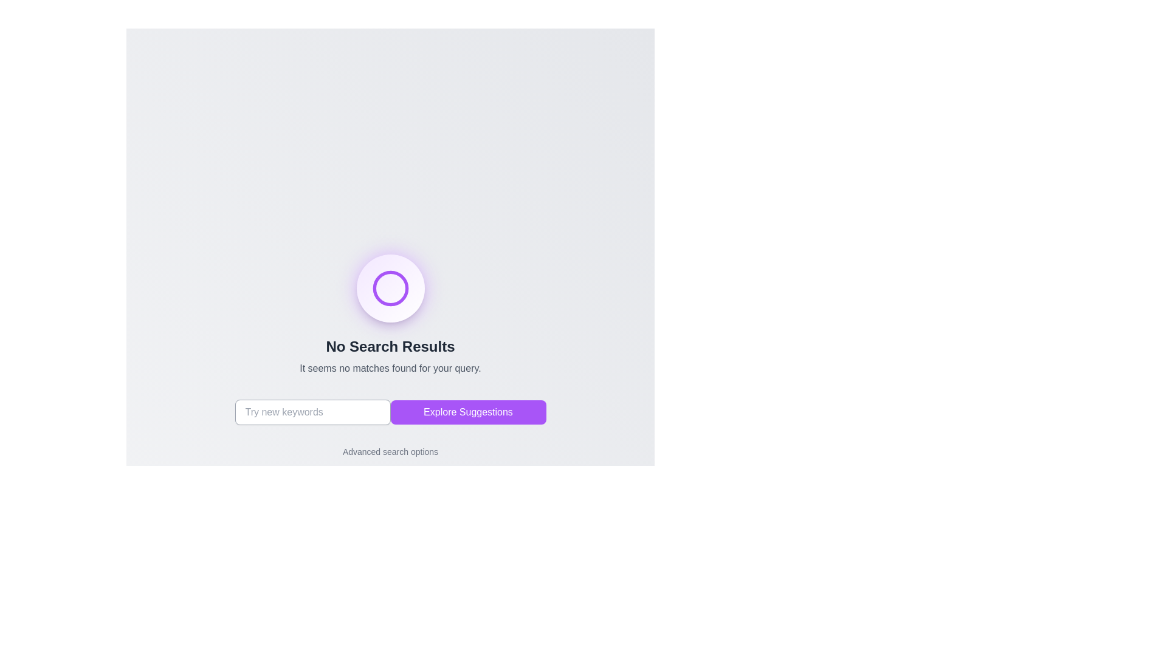 The height and width of the screenshot is (656, 1167). I want to click on the rectangular text input field with a light gray border and placeholder text 'Try new keywords' to focus on it, so click(312, 411).